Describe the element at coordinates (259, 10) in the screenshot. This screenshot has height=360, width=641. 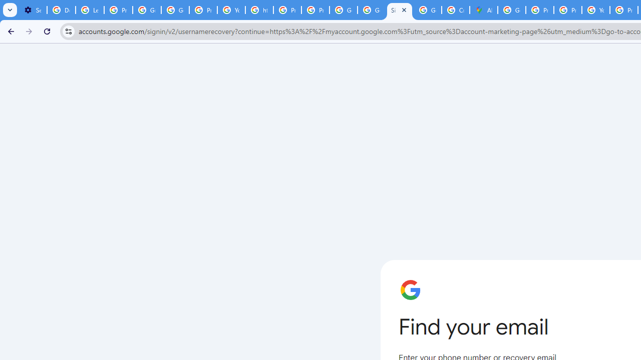
I see `'https://scholar.google.com/'` at that location.